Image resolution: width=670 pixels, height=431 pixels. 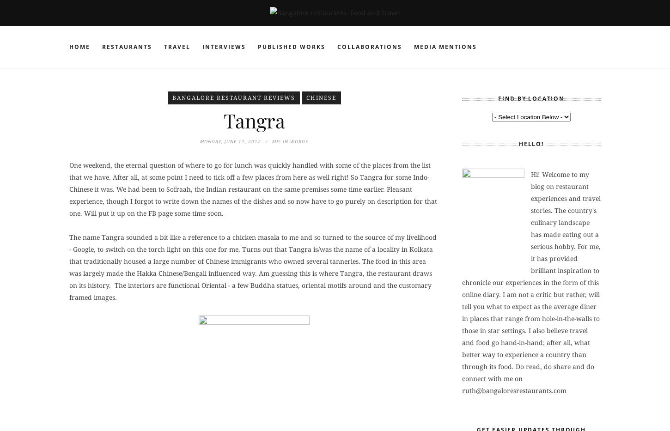 I want to click on 'Me! In words', so click(x=289, y=141).